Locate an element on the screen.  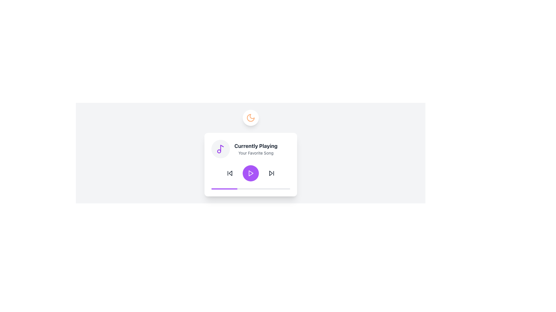
the small circular graphic element representing a note or dot within the music icon is located at coordinates (219, 151).